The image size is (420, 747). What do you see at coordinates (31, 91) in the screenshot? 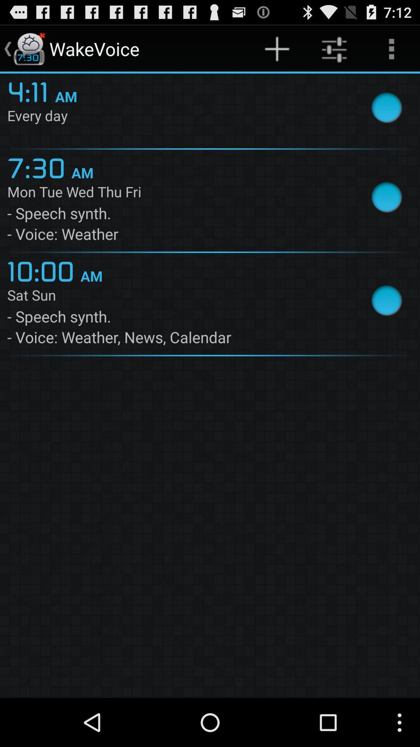
I see `item above the every day` at bounding box center [31, 91].